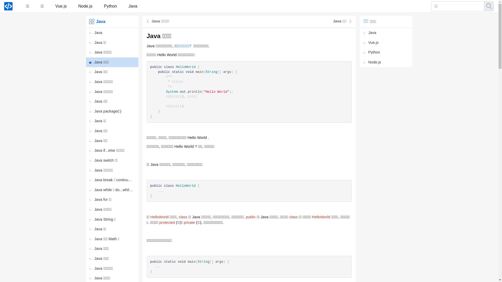  Describe the element at coordinates (364, 52) in the screenshot. I see `'Python'` at that location.